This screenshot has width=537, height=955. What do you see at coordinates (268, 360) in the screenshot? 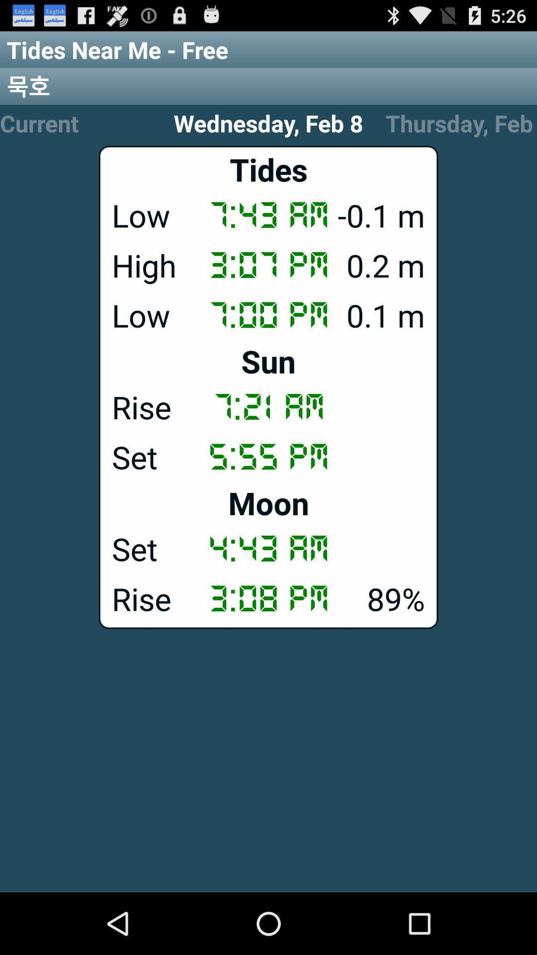
I see `icon above the rise app` at bounding box center [268, 360].